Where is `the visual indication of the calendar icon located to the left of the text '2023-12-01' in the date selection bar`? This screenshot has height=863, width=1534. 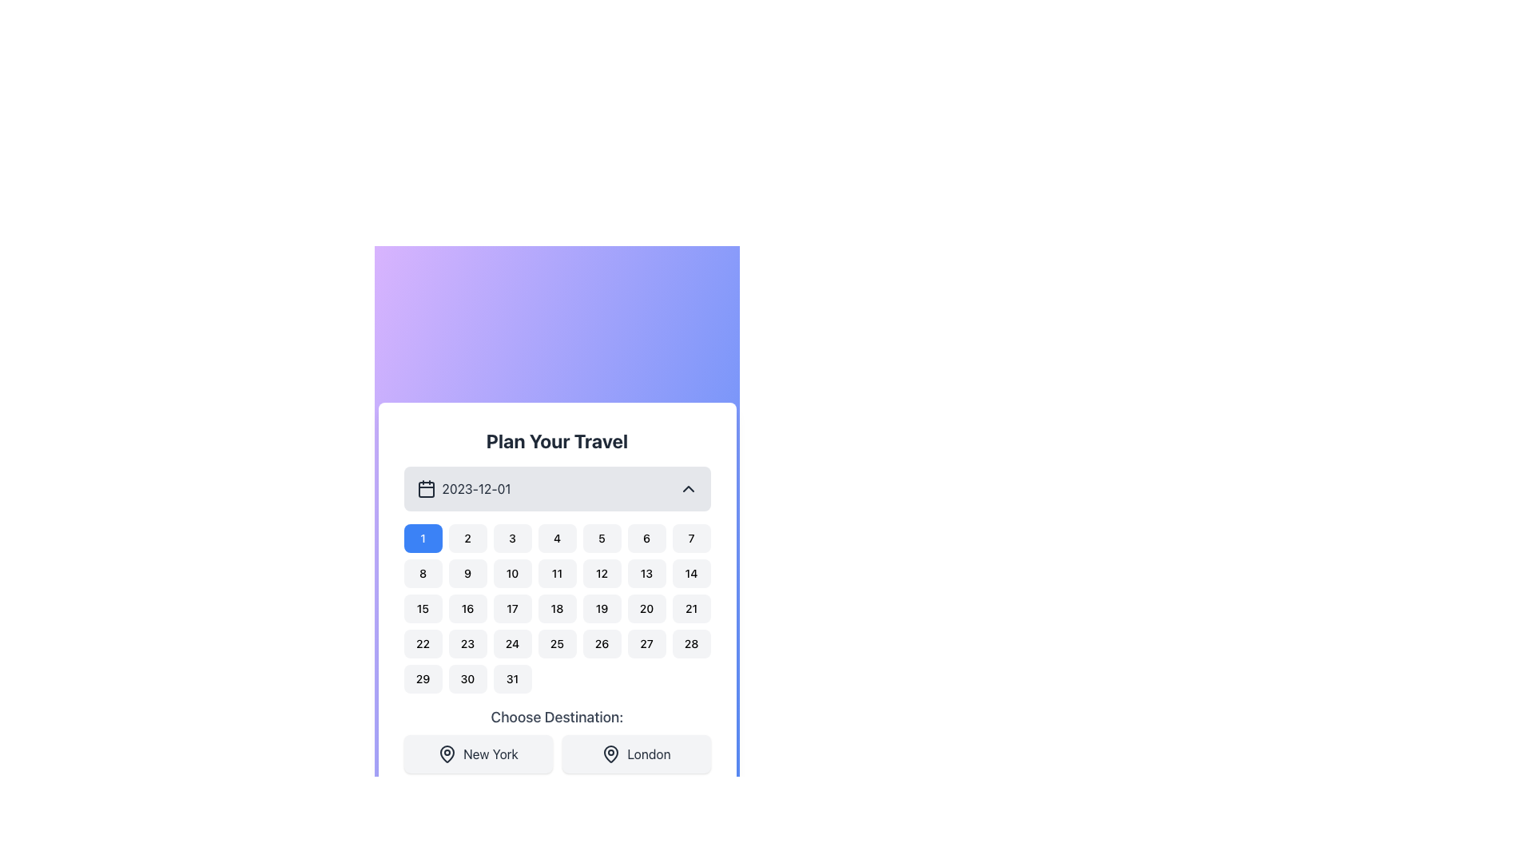 the visual indication of the calendar icon located to the left of the text '2023-12-01' in the date selection bar is located at coordinates (426, 488).